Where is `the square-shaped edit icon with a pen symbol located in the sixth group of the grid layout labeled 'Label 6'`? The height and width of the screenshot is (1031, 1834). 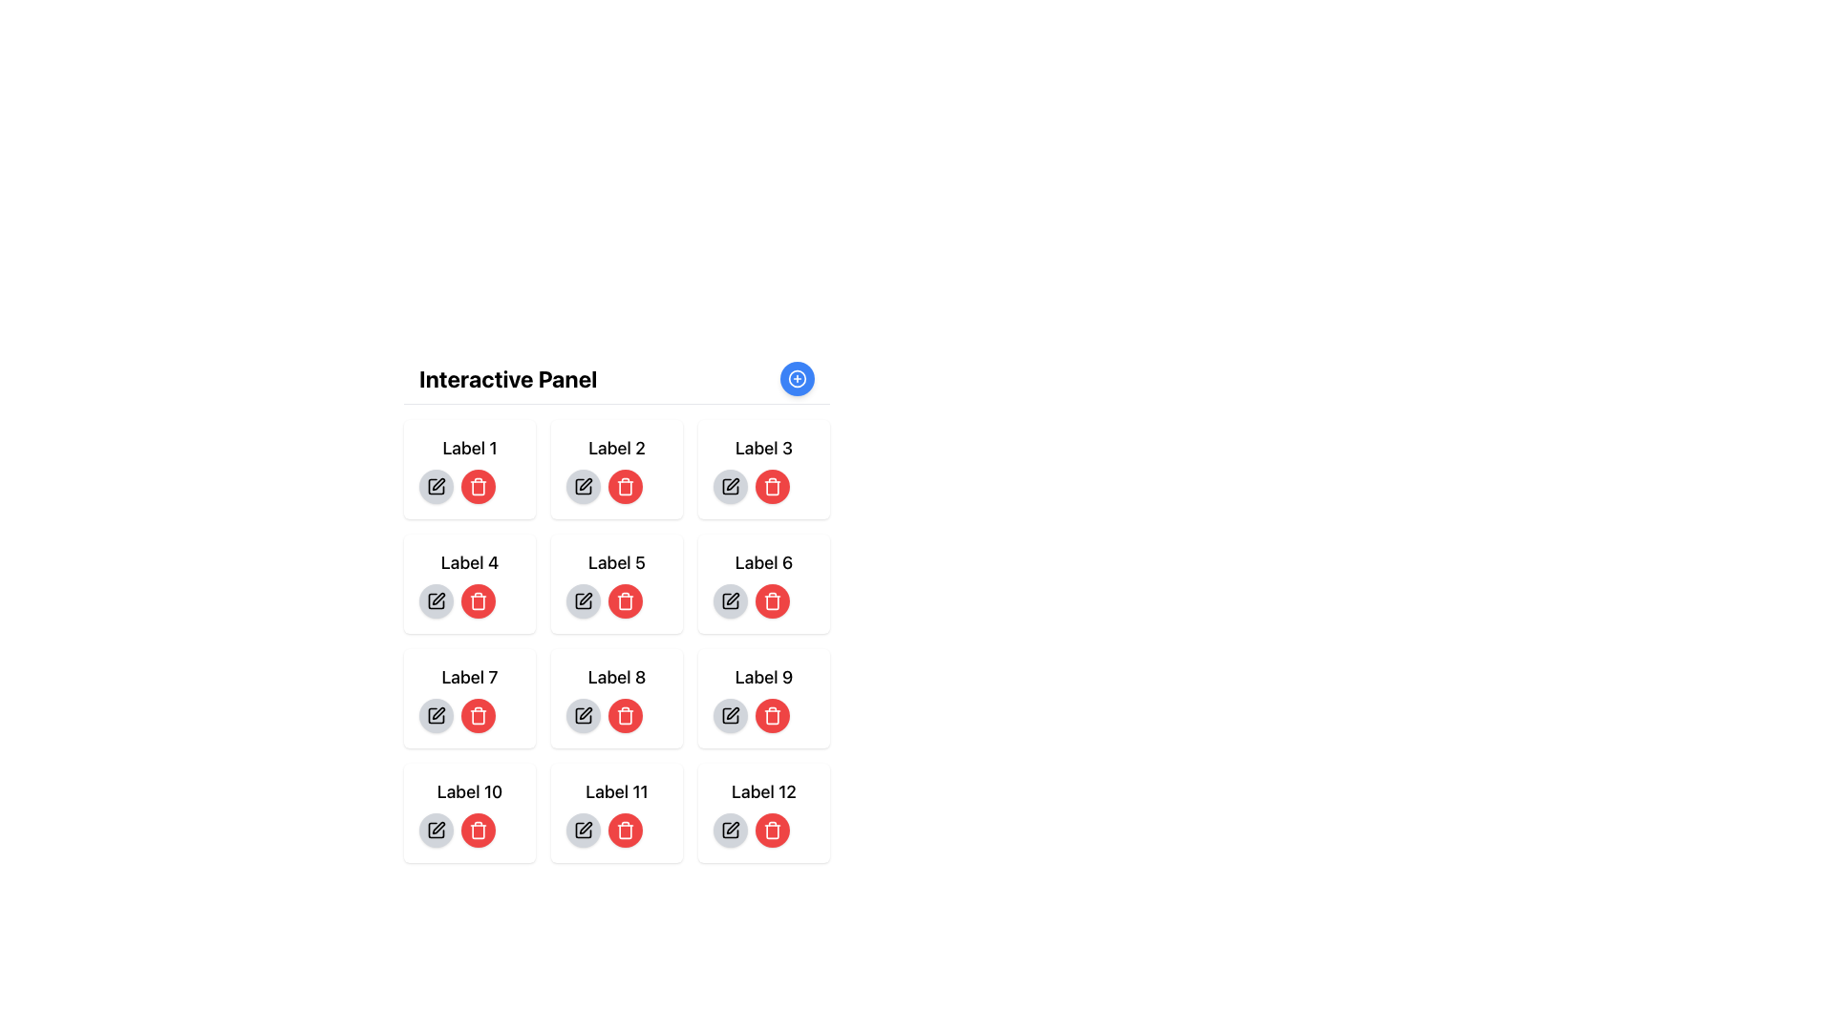 the square-shaped edit icon with a pen symbol located in the sixth group of the grid layout labeled 'Label 6' is located at coordinates (729, 600).